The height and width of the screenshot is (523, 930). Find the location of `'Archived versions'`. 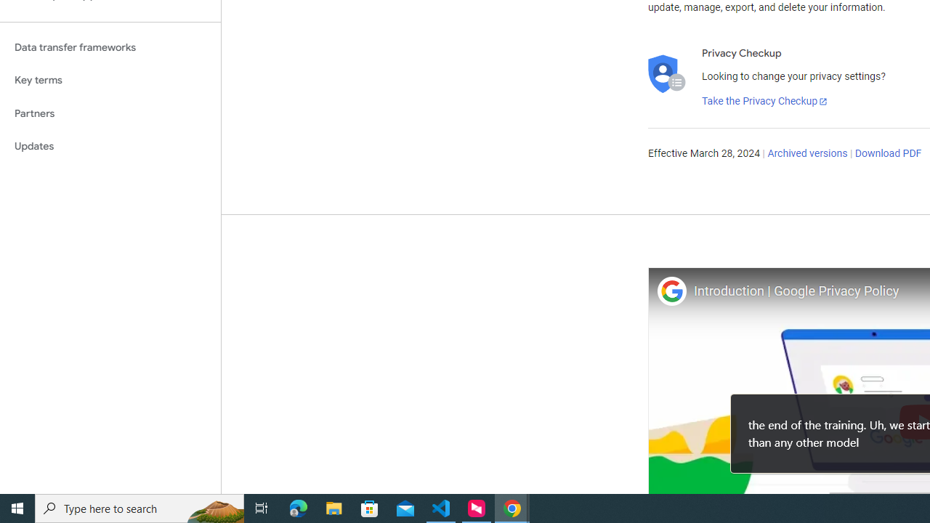

'Archived versions' is located at coordinates (806, 154).